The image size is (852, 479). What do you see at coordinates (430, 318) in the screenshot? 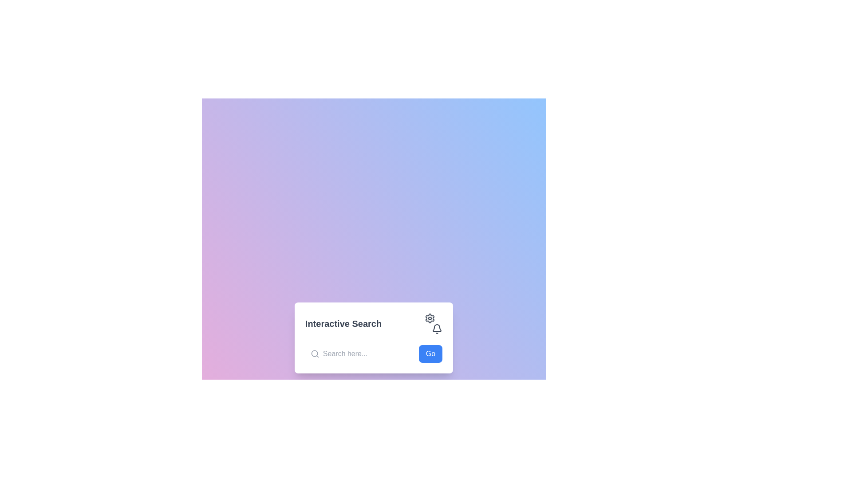
I see `the settings icon located in the top-right corner of the dialog box, adjacent to the bell icon` at bounding box center [430, 318].